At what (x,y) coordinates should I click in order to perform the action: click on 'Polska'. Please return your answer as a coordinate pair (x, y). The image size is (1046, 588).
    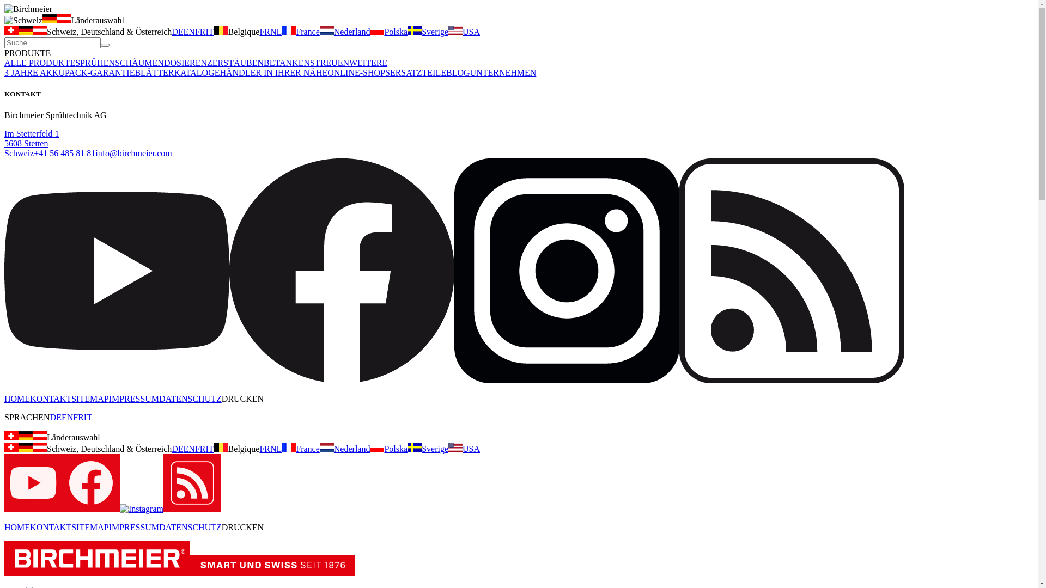
    Looking at the image, I should click on (369, 31).